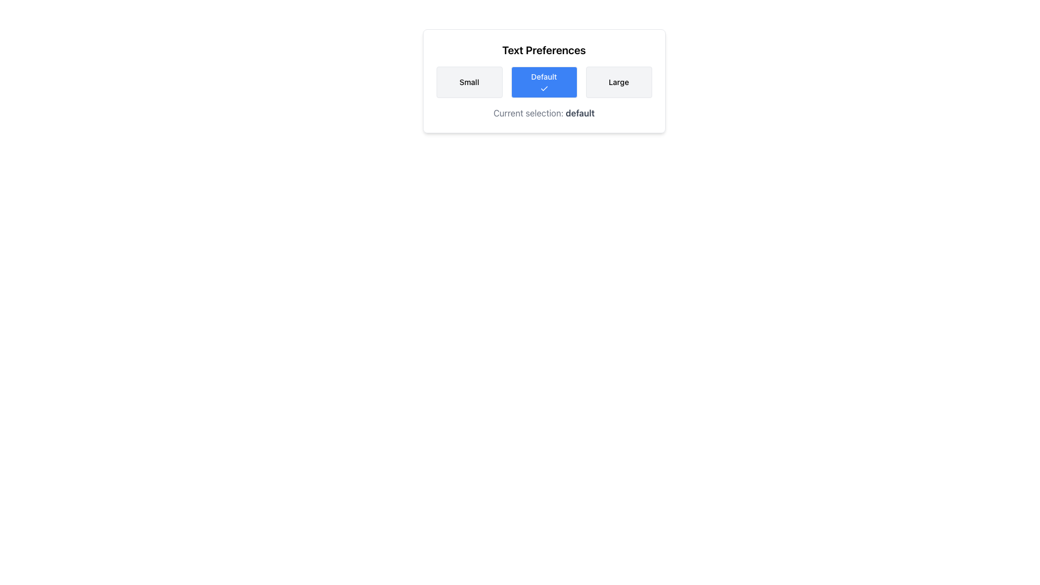  Describe the element at coordinates (580, 113) in the screenshot. I see `the static text element reading 'default', which is a bolded gray text located within the phrase 'Current selection: default'` at that location.